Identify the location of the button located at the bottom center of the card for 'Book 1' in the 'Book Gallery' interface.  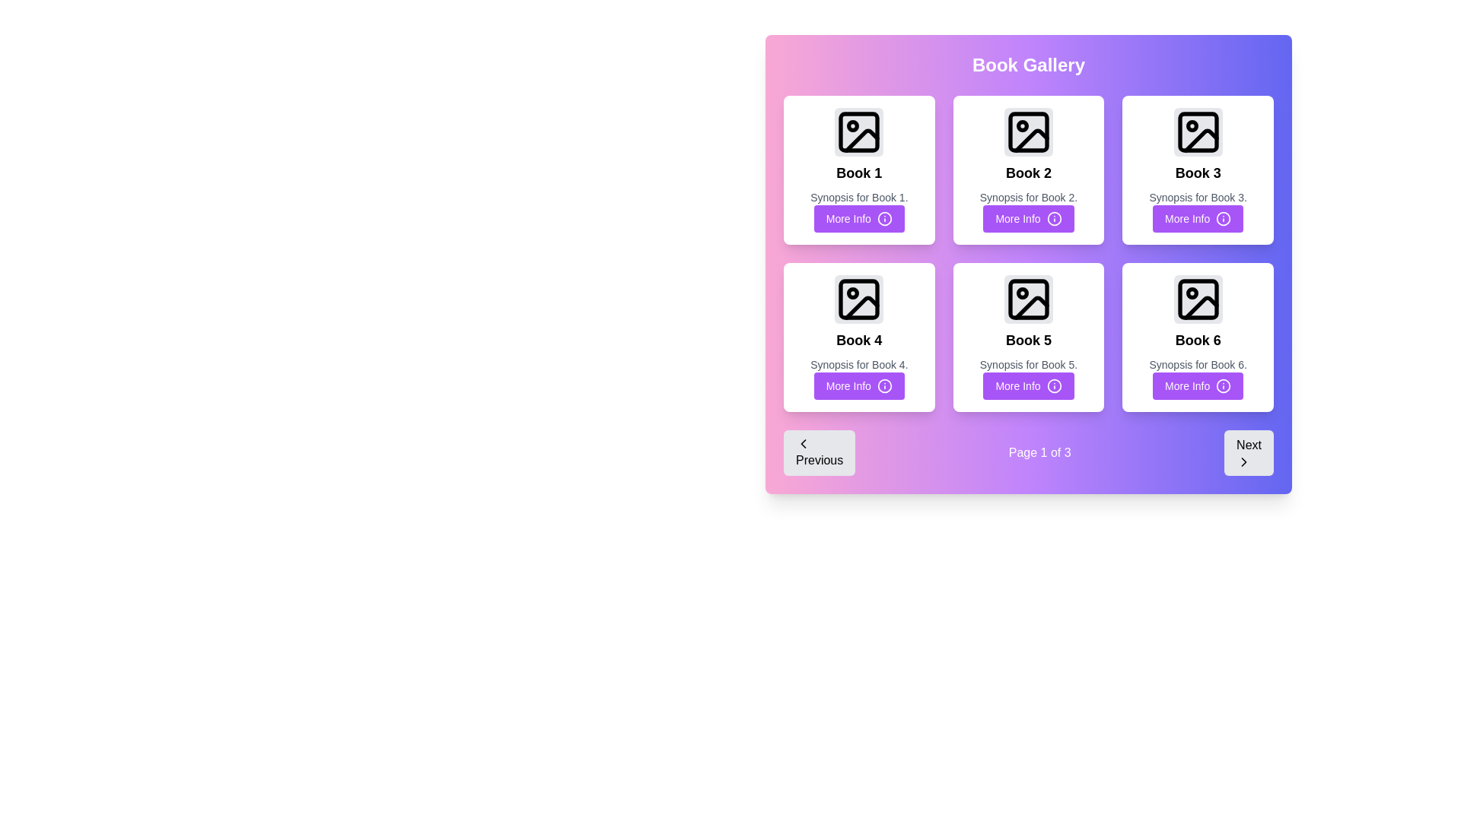
(858, 219).